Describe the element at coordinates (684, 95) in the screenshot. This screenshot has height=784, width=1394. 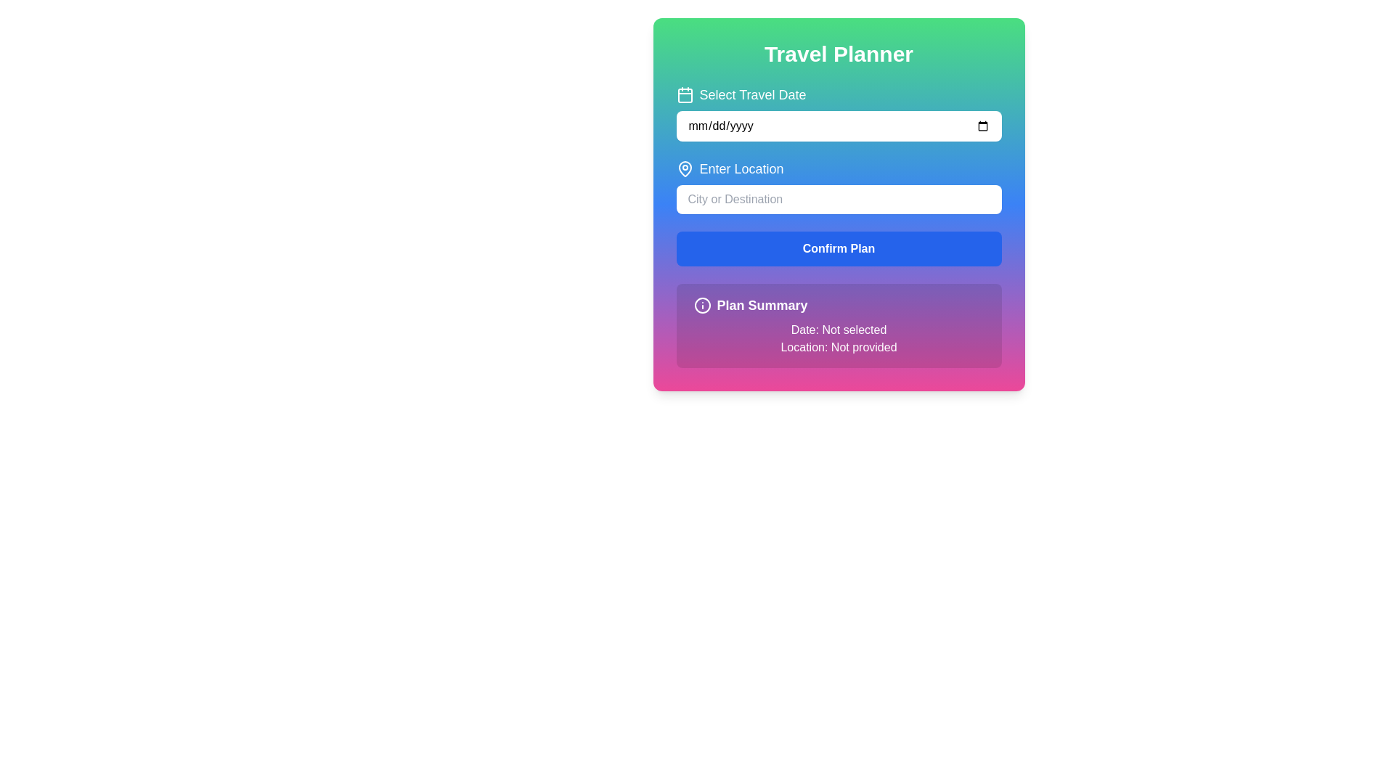
I see `the decorative component of the calendar icon located at the top left of the 'Select Travel Date' section within the travel planner interface` at that location.